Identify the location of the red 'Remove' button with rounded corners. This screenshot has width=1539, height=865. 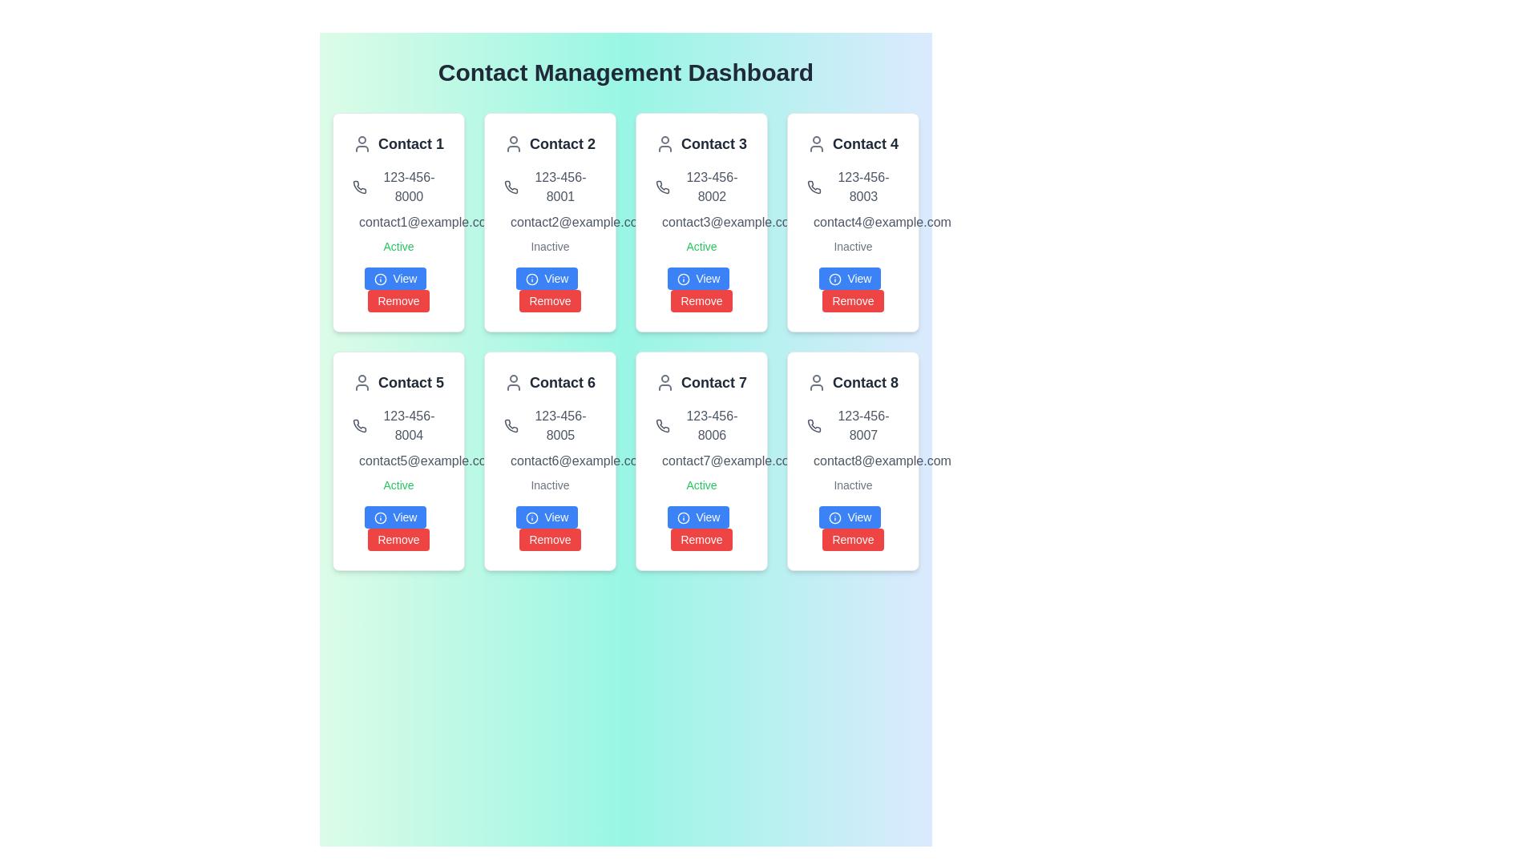
(550, 300).